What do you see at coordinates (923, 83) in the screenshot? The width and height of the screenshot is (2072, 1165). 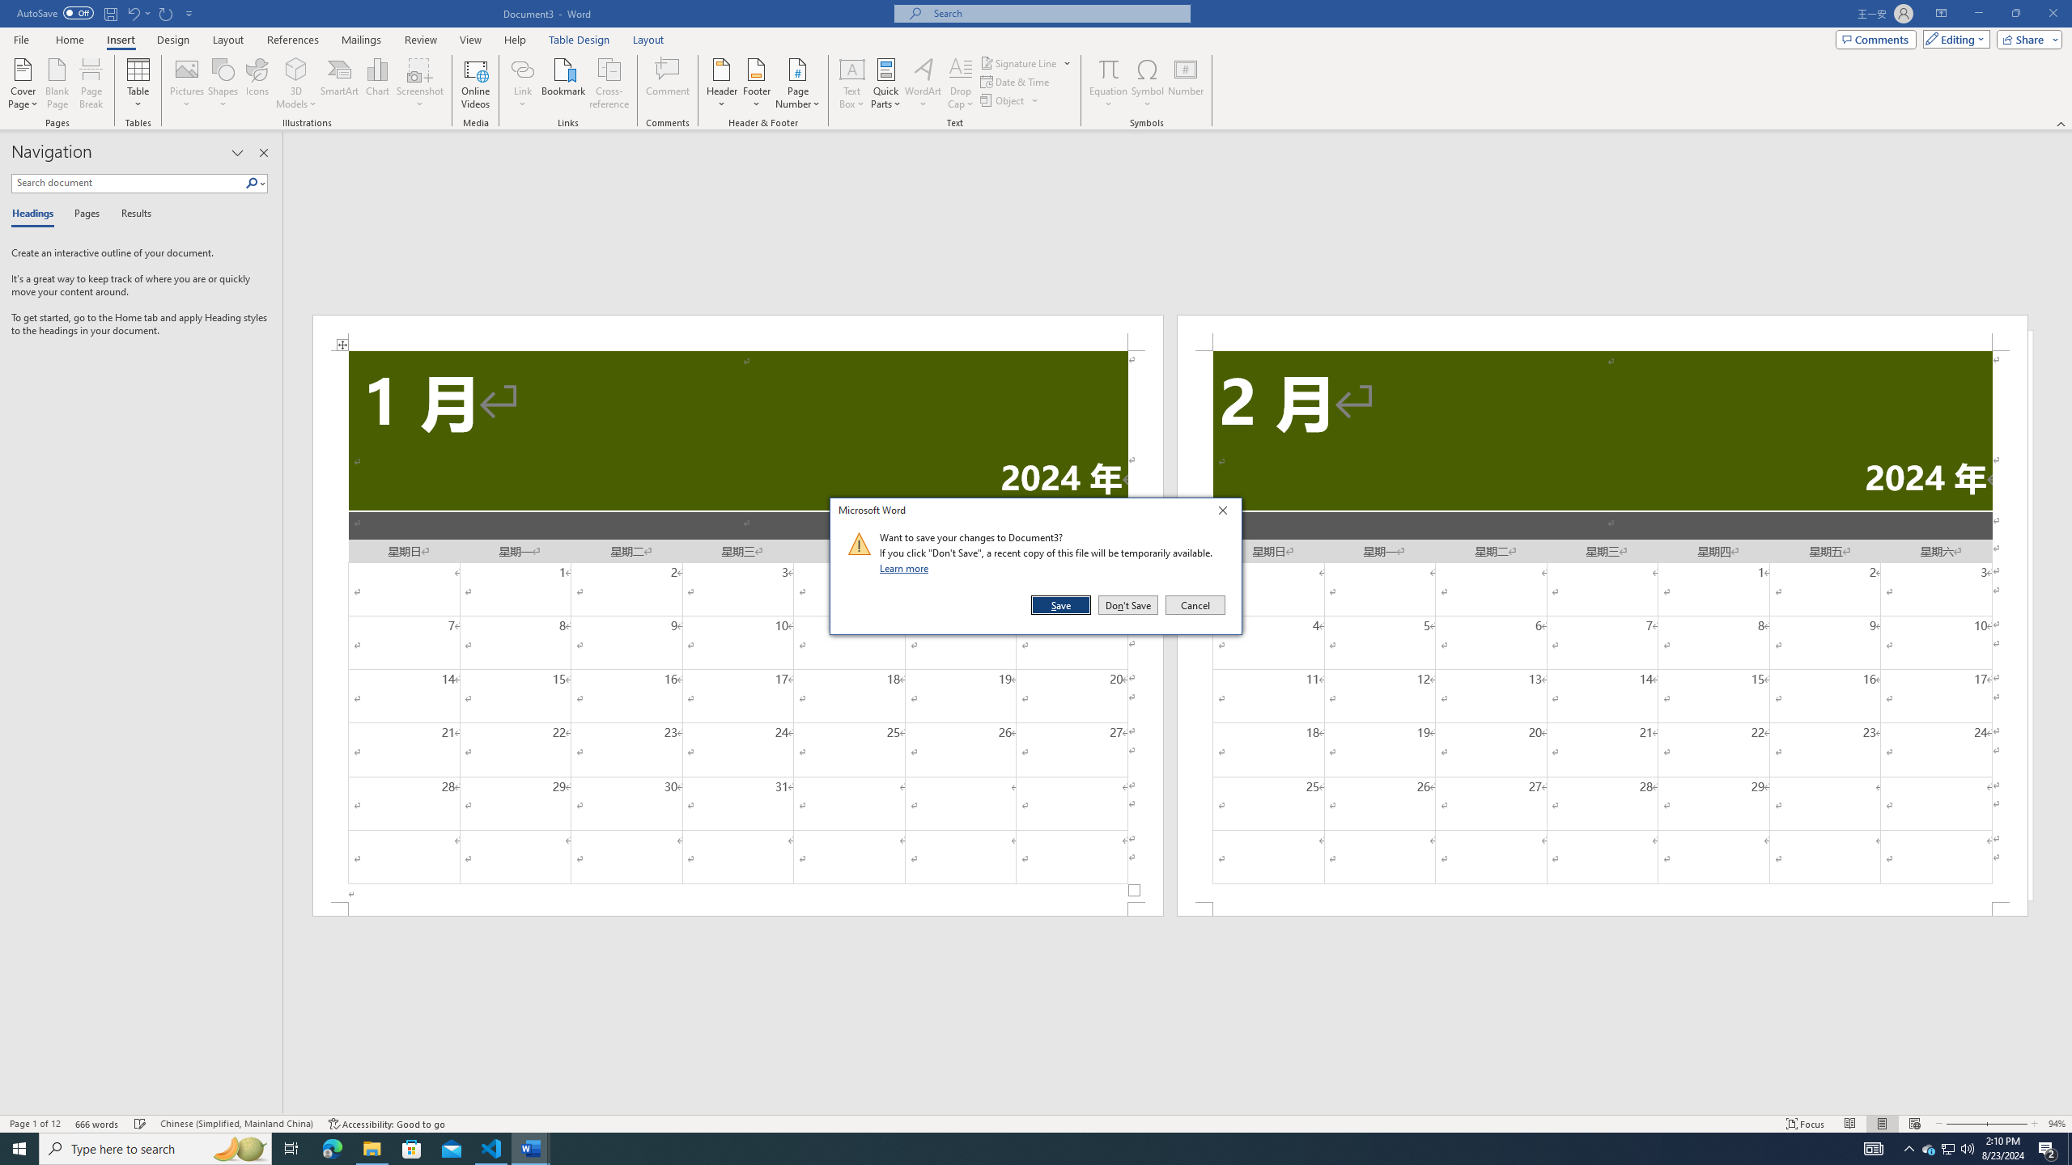 I see `'WordArt'` at bounding box center [923, 83].